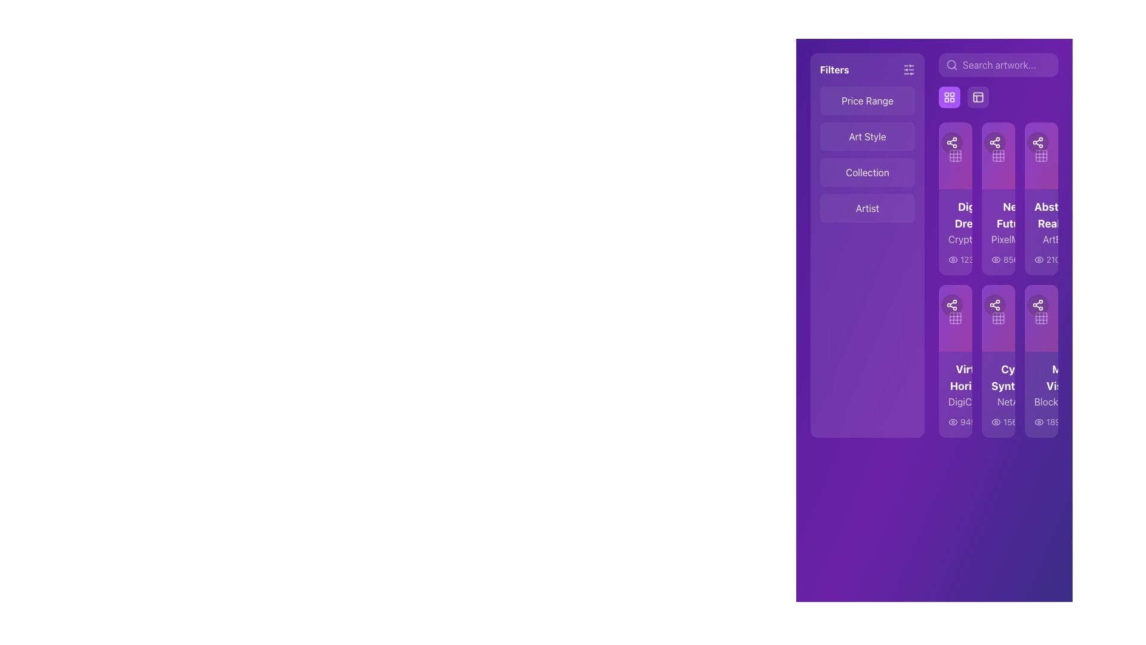  Describe the element at coordinates (999, 317) in the screenshot. I see `the SVG-based interactive graphical button with a grid-like structure, styled with a white outline and positioned in a purple card, located in the second row towards the top-right corner` at that location.